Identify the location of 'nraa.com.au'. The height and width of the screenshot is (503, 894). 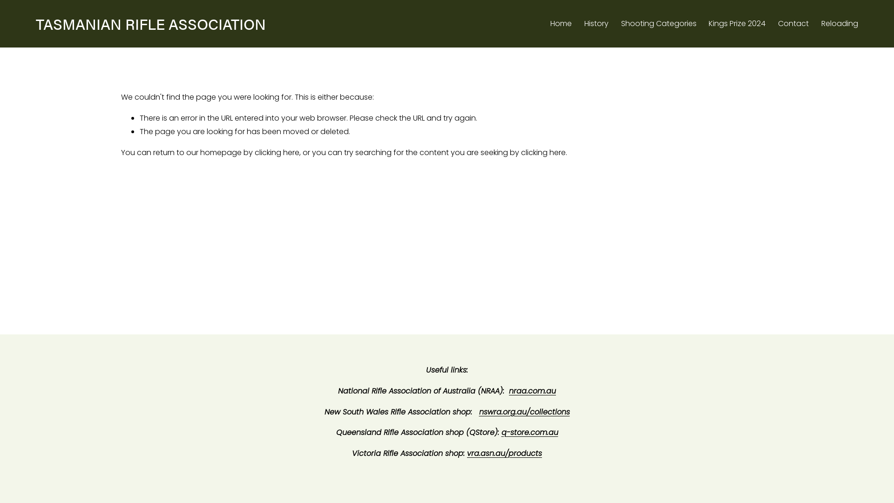
(508, 391).